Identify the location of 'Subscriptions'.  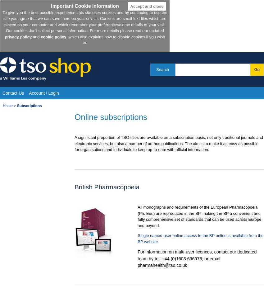
(29, 105).